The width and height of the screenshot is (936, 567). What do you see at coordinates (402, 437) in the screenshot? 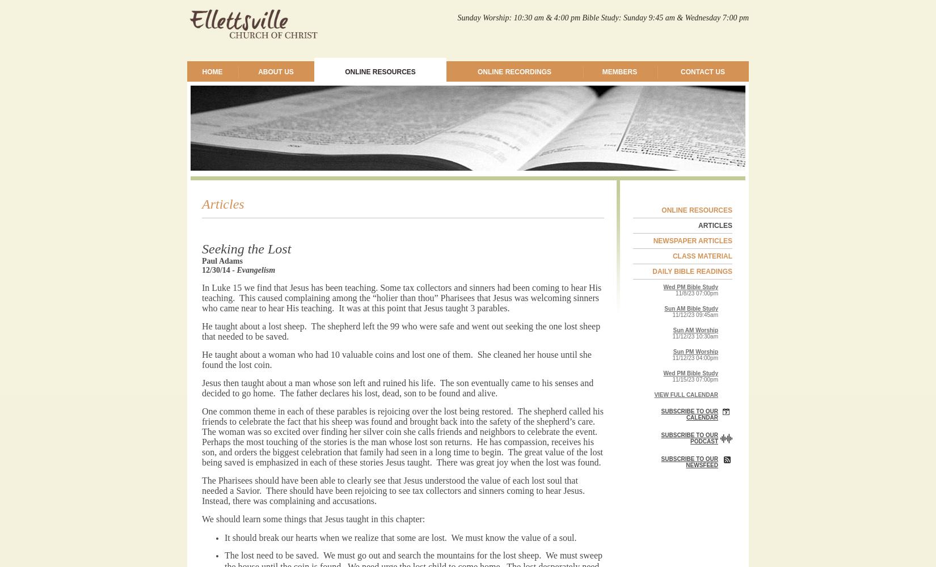
I see `'One common theme in each of these parables is rejoicing over the lost being restored.  The shepherd called his friends to celebrate the fact that his sheep was found and brought back into the safety of the shepherd’s care.  The woman was so excited over finding her silver coin she calls friends and neighbors to celebrate the event.  Perhaps the most touching of the stories is the man whose lost son returns.  He has compassion, receives his son, and orders the biggest celebration that family had seen in a long time to begin.  The great value of the lost being saved is emphasized in each of these stories Jesus taught.  There was great joy when the lost was found.'` at bounding box center [402, 437].